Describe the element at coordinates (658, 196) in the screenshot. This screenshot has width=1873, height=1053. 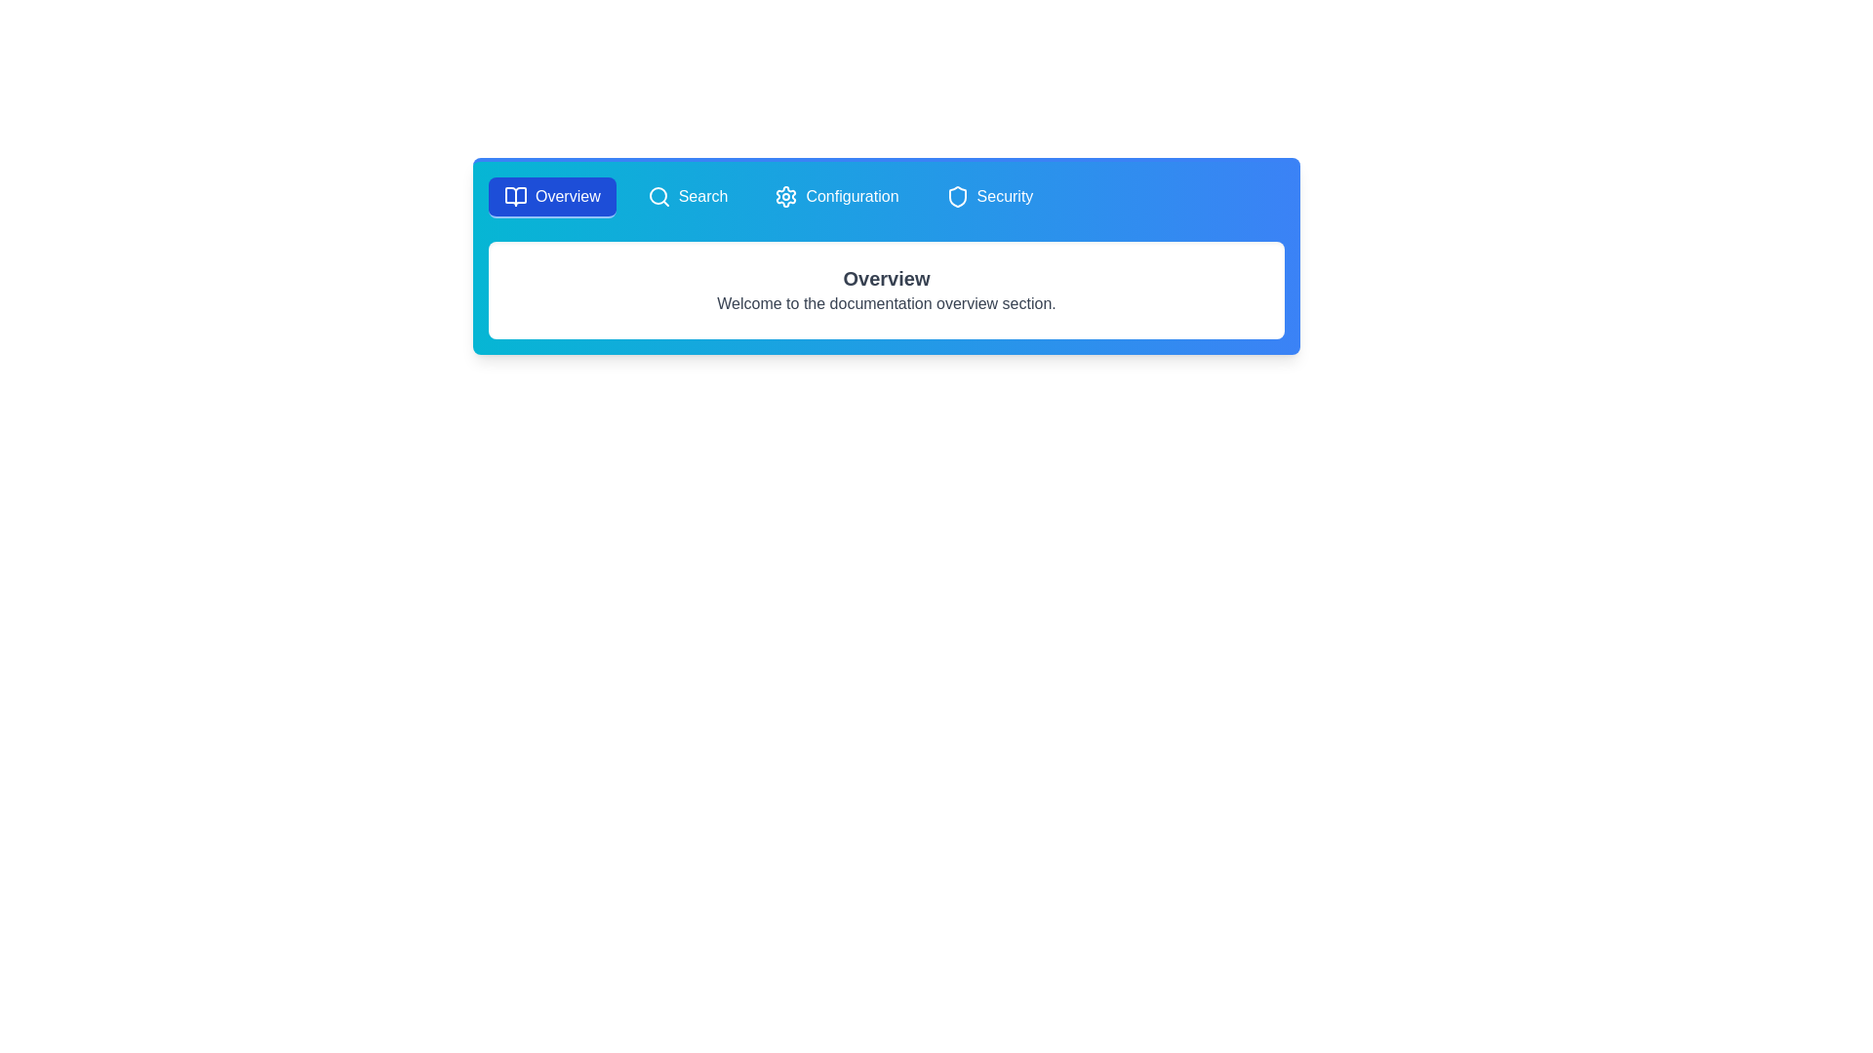
I see `the search icon located to the left of the 'Search' label text in the top navigation bar, which triggers the search feature` at that location.